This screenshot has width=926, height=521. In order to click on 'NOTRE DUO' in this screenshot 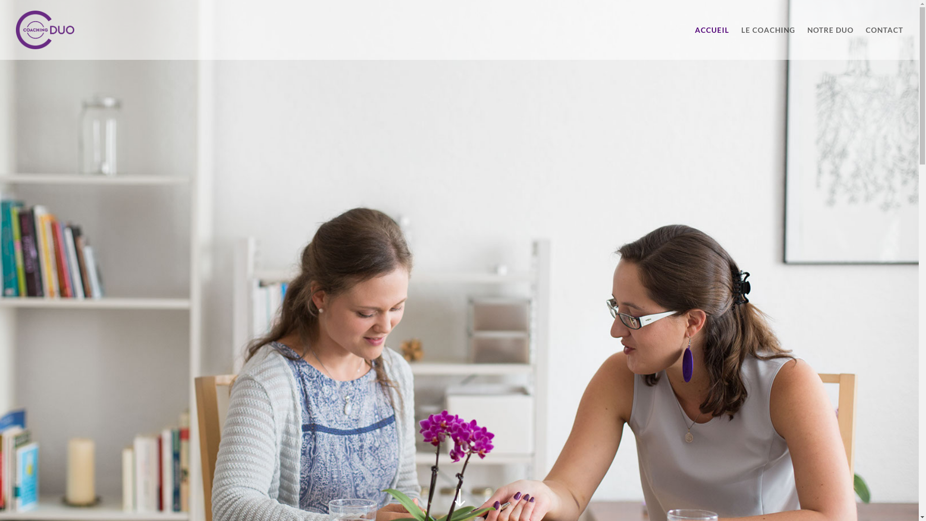, I will do `click(830, 42)`.